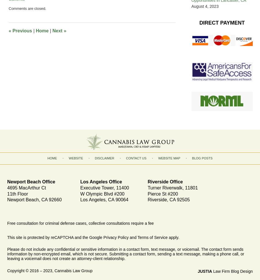 The image size is (260, 280). Describe the element at coordinates (7, 181) in the screenshot. I see `'Newport Beach Office'` at that location.